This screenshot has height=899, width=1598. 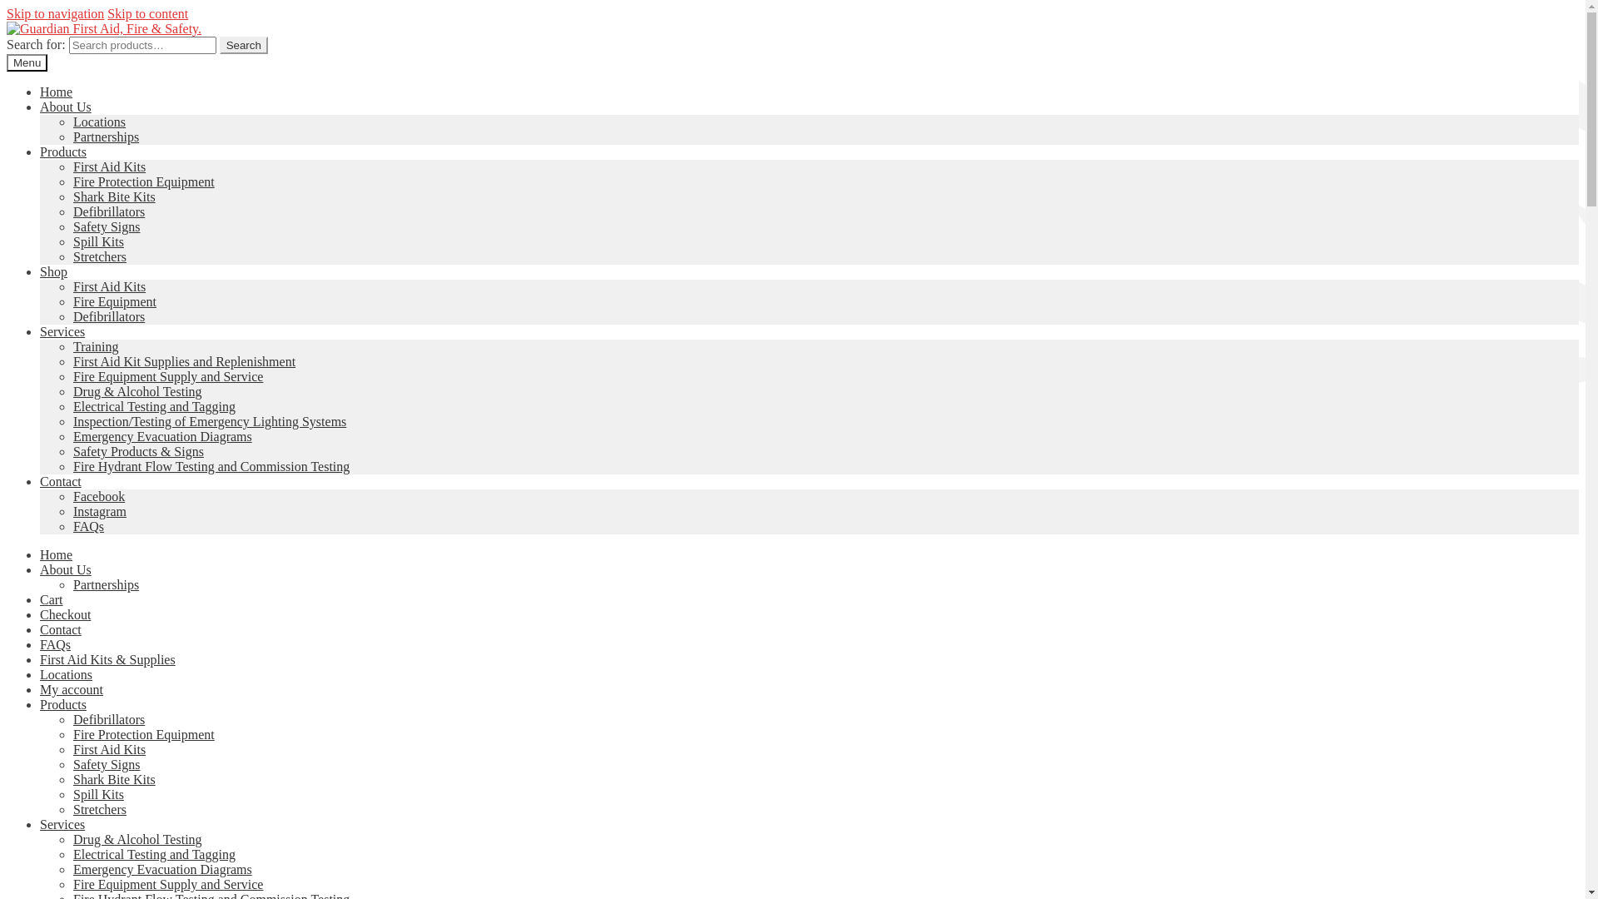 What do you see at coordinates (72, 808) in the screenshot?
I see `'Stretchers'` at bounding box center [72, 808].